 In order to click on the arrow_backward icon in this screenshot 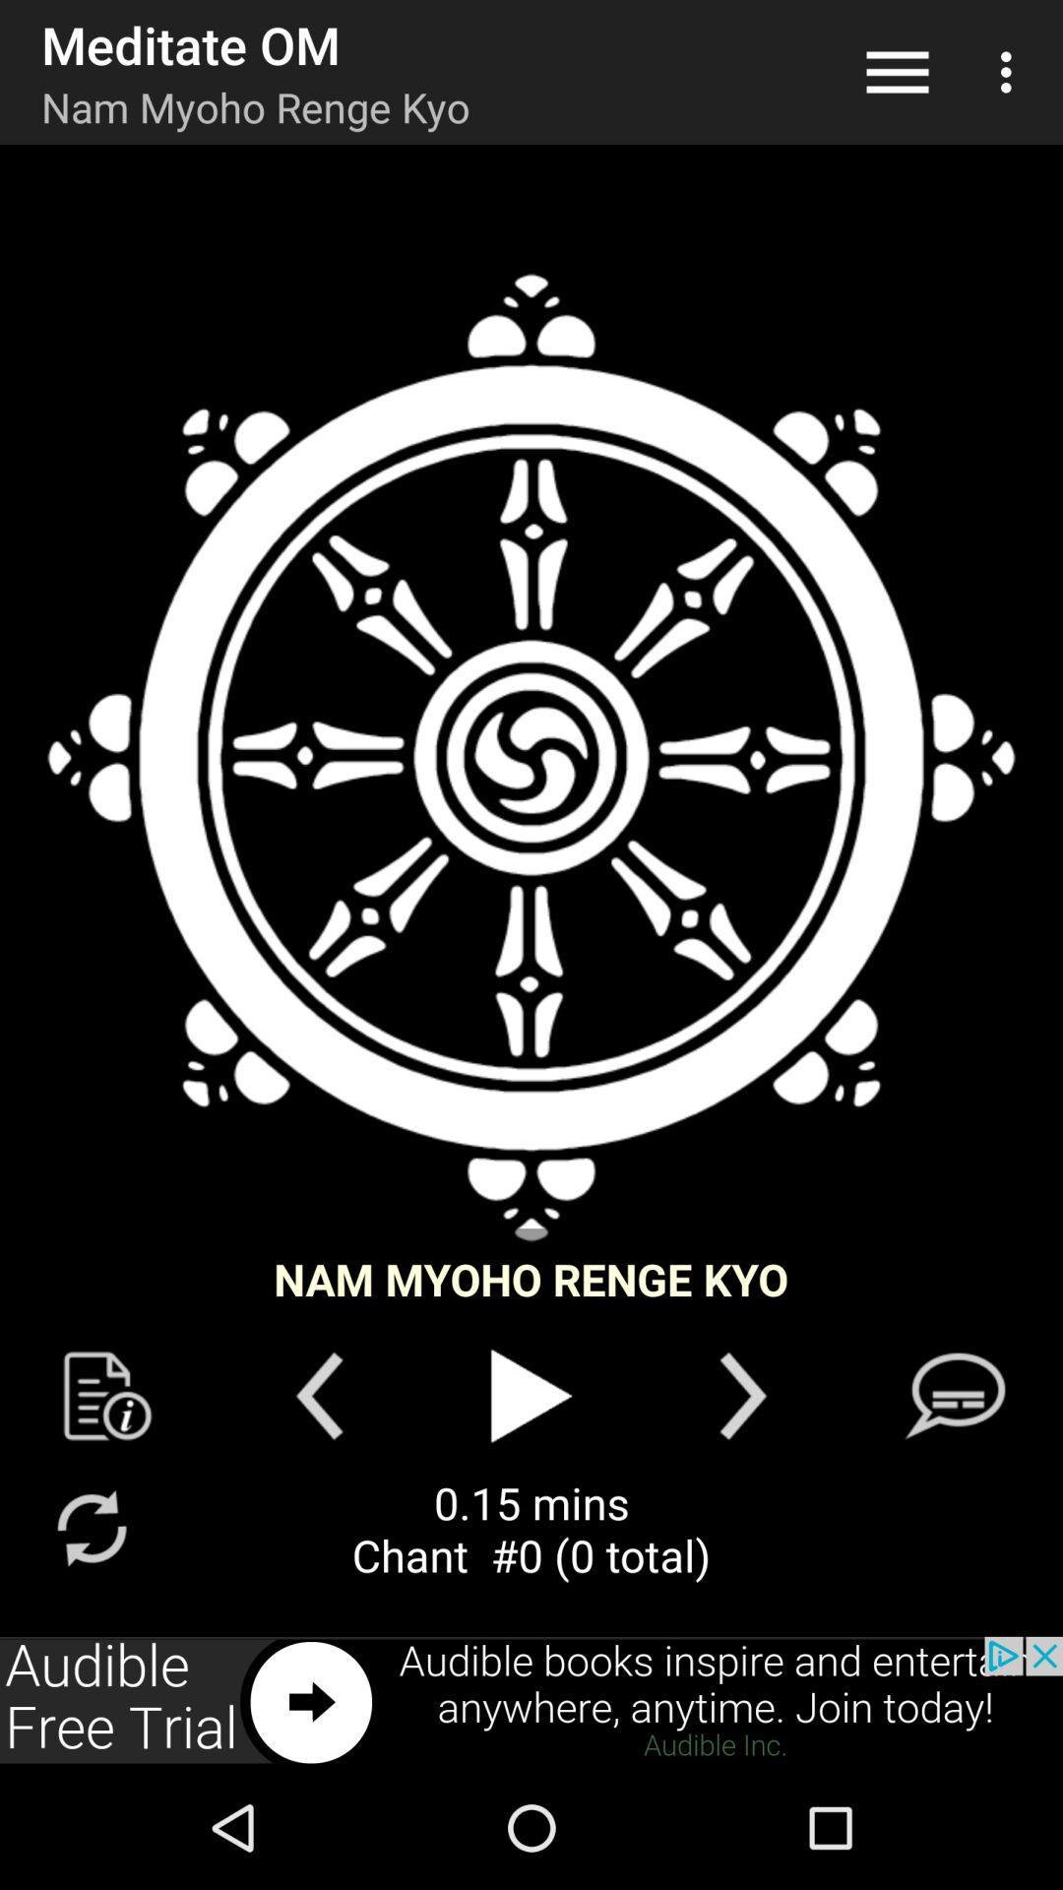, I will do `click(318, 1395)`.